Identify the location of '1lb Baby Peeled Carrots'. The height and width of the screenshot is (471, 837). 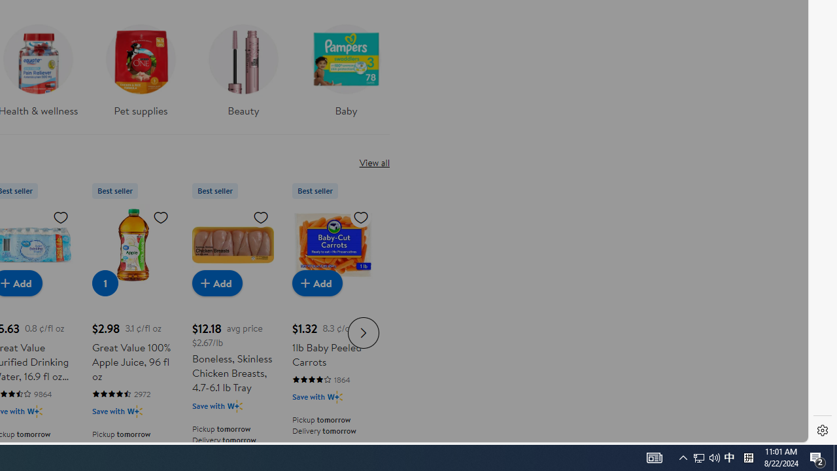
(333, 245).